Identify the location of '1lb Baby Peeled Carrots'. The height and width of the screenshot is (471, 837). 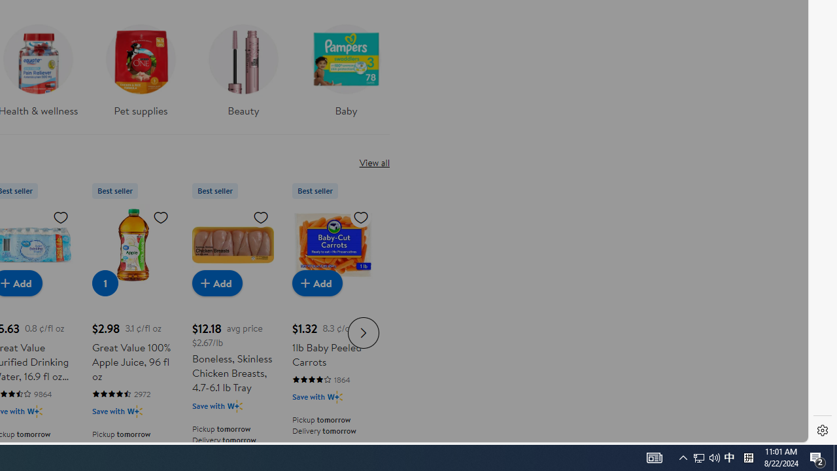
(333, 245).